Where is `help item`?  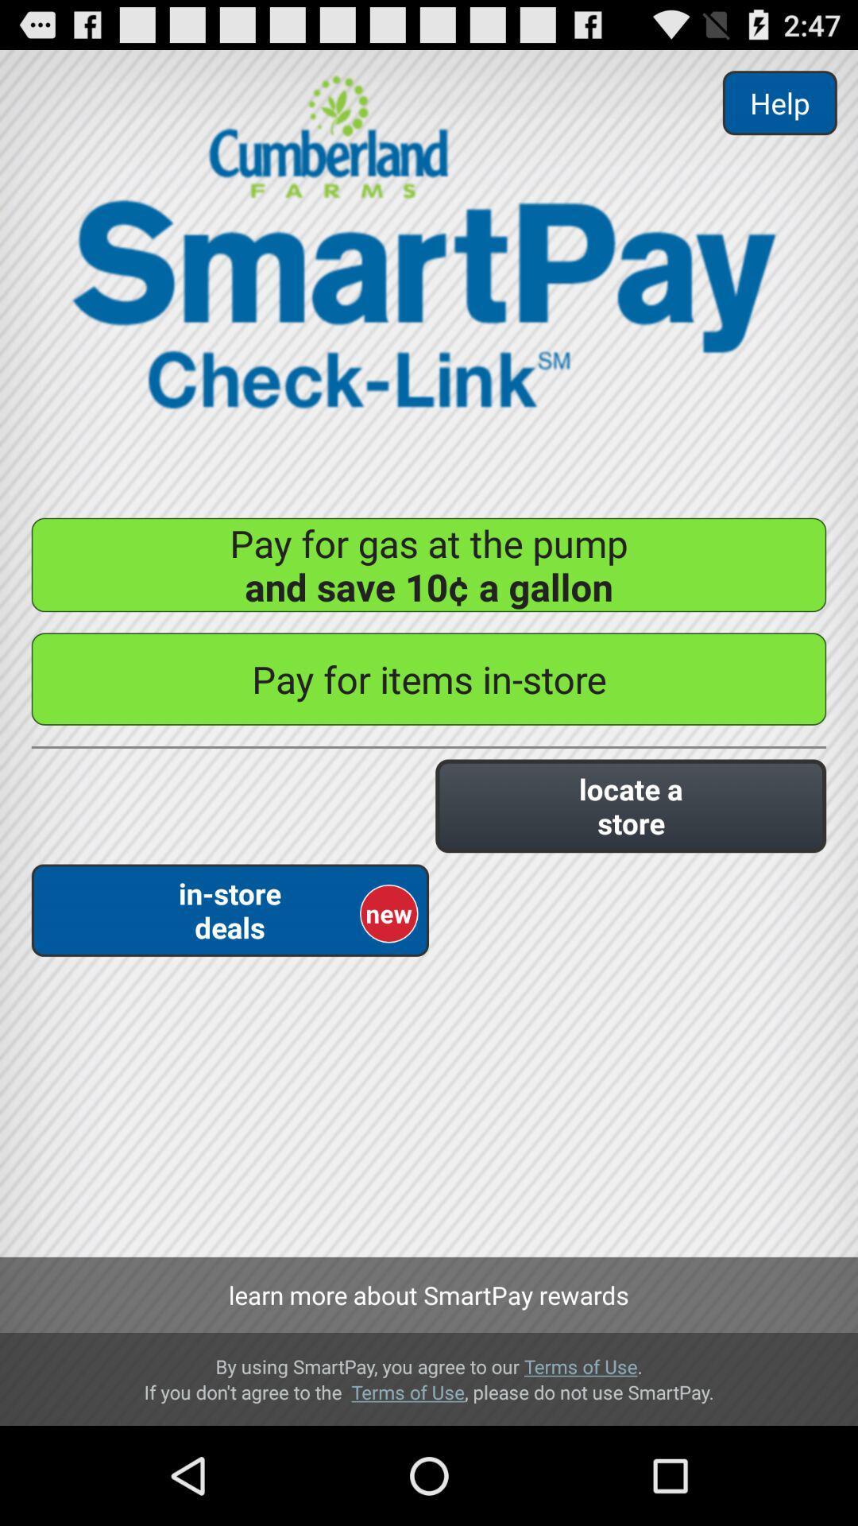 help item is located at coordinates (779, 102).